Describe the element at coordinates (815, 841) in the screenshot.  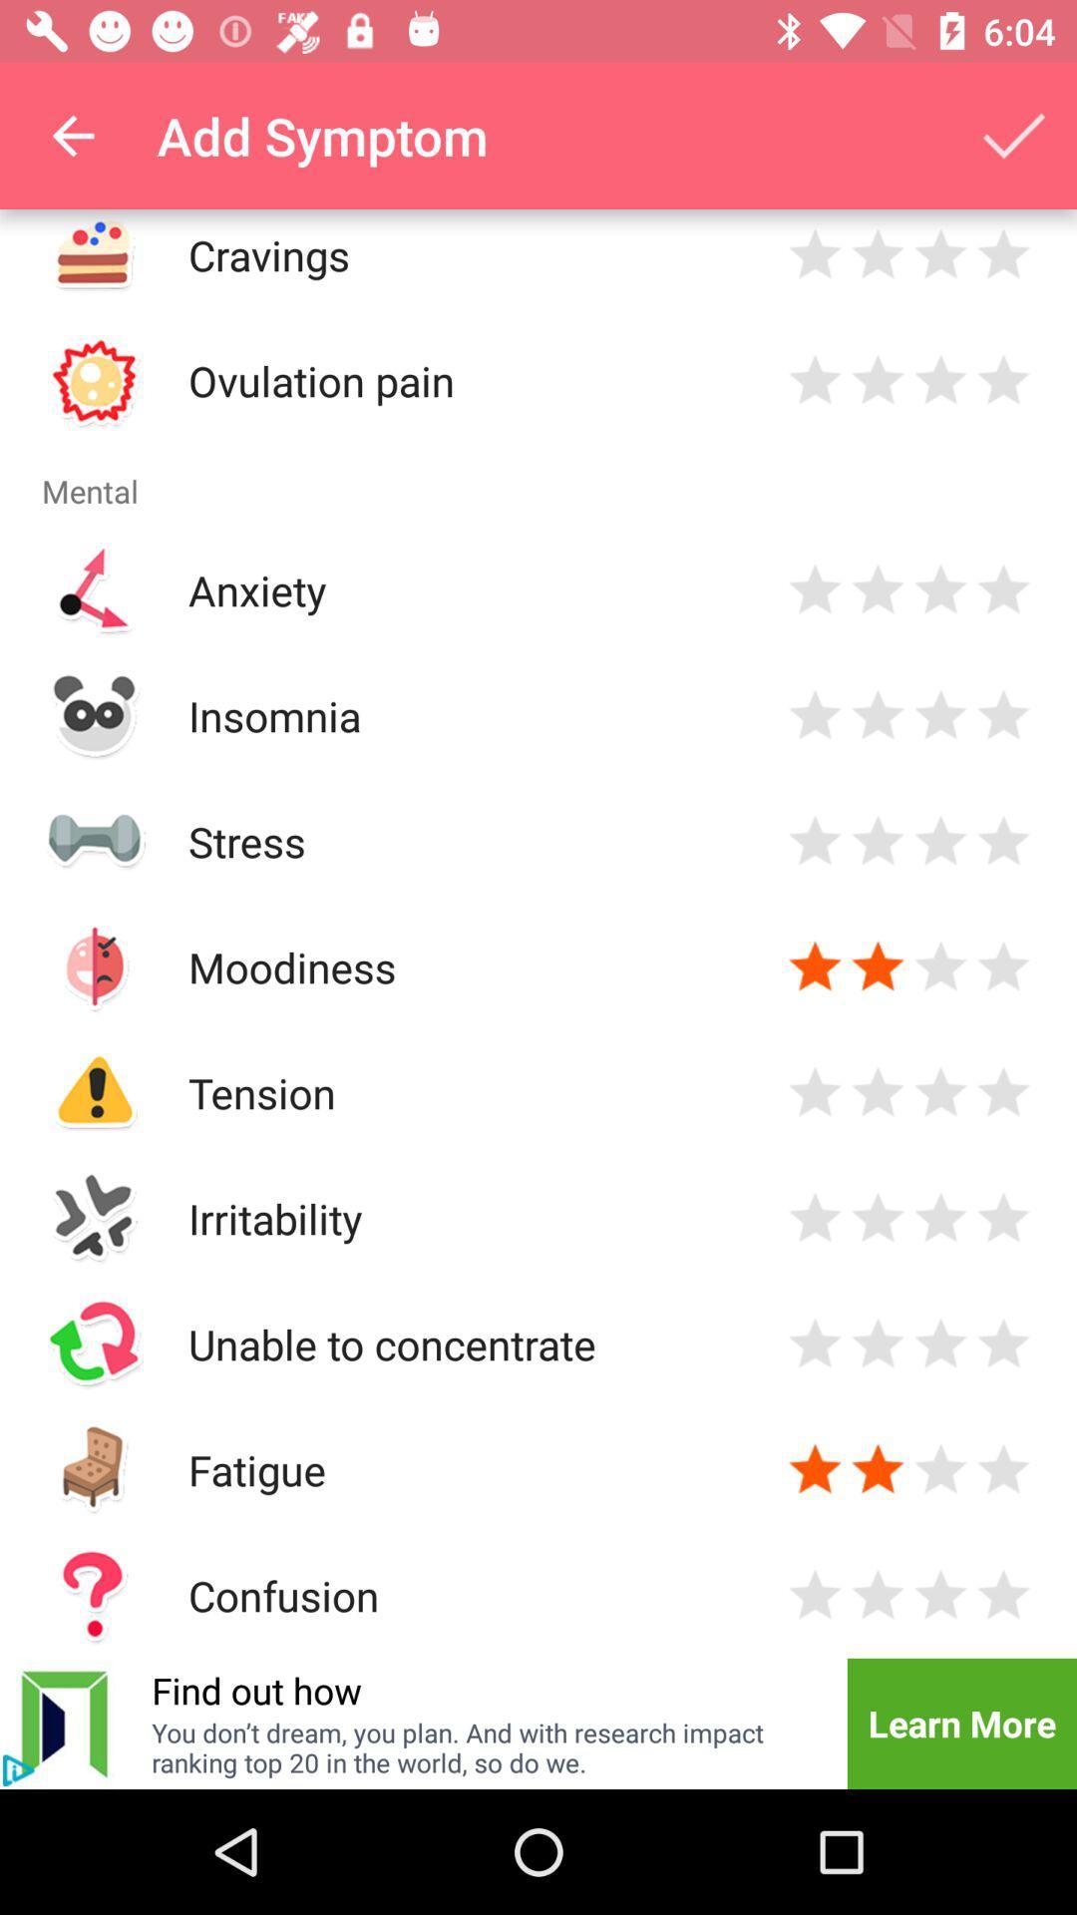
I see `rate 1 star for stress` at that location.